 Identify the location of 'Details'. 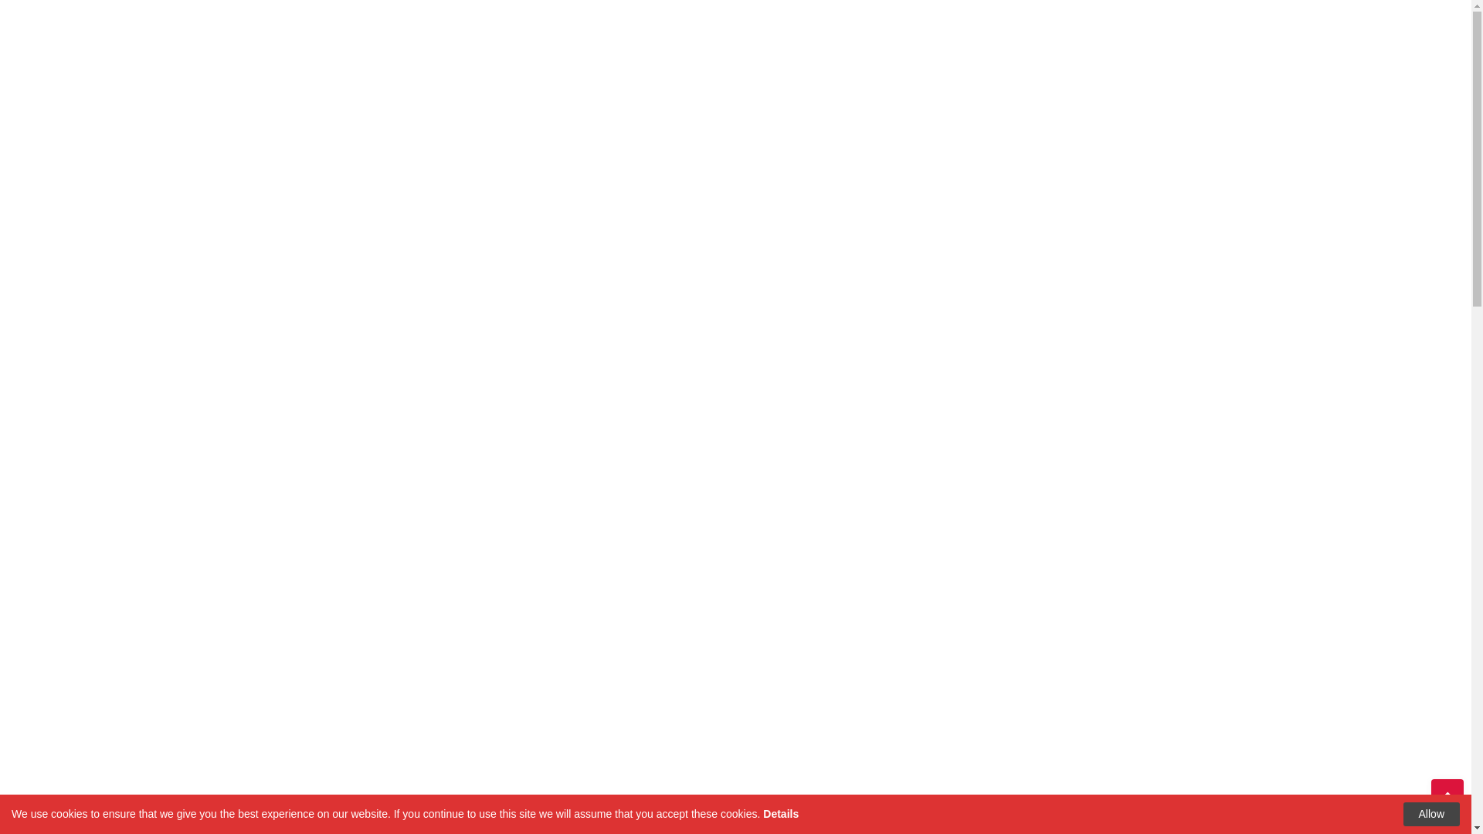
(781, 812).